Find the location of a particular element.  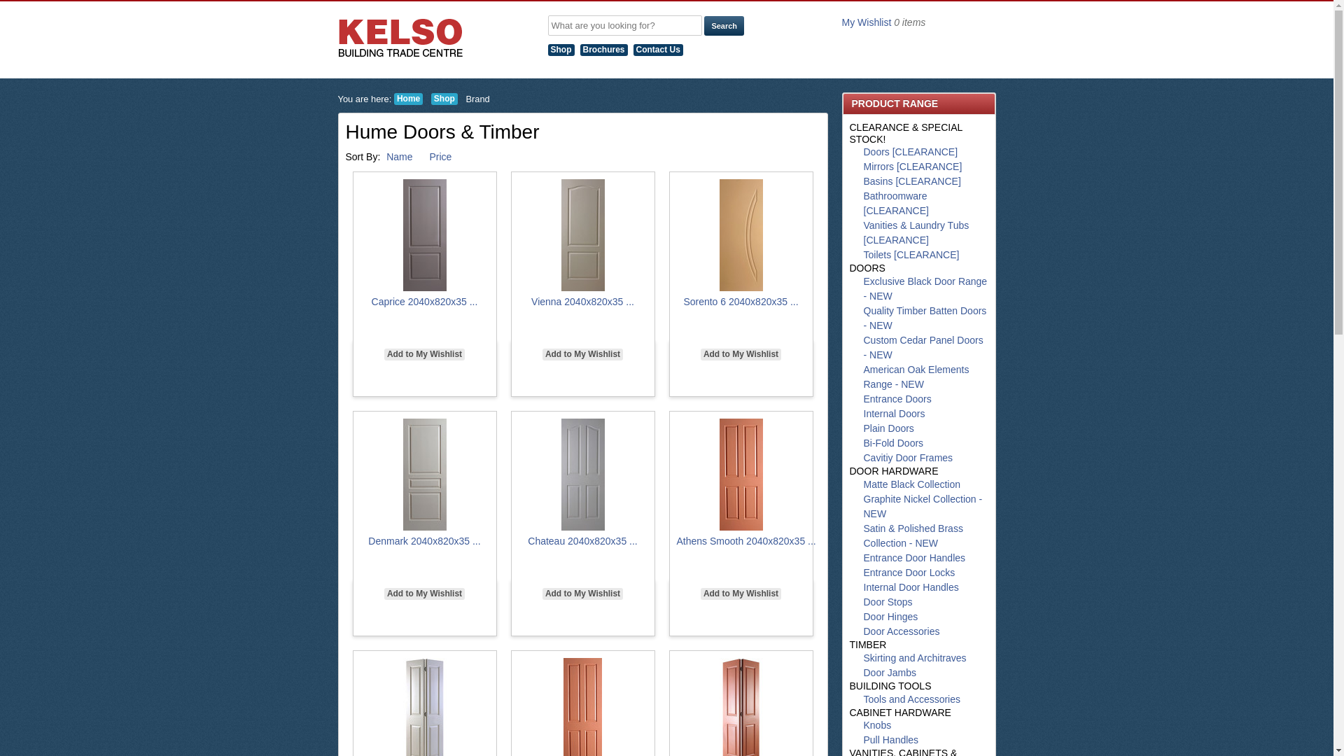

'Brochures' is located at coordinates (580, 48).